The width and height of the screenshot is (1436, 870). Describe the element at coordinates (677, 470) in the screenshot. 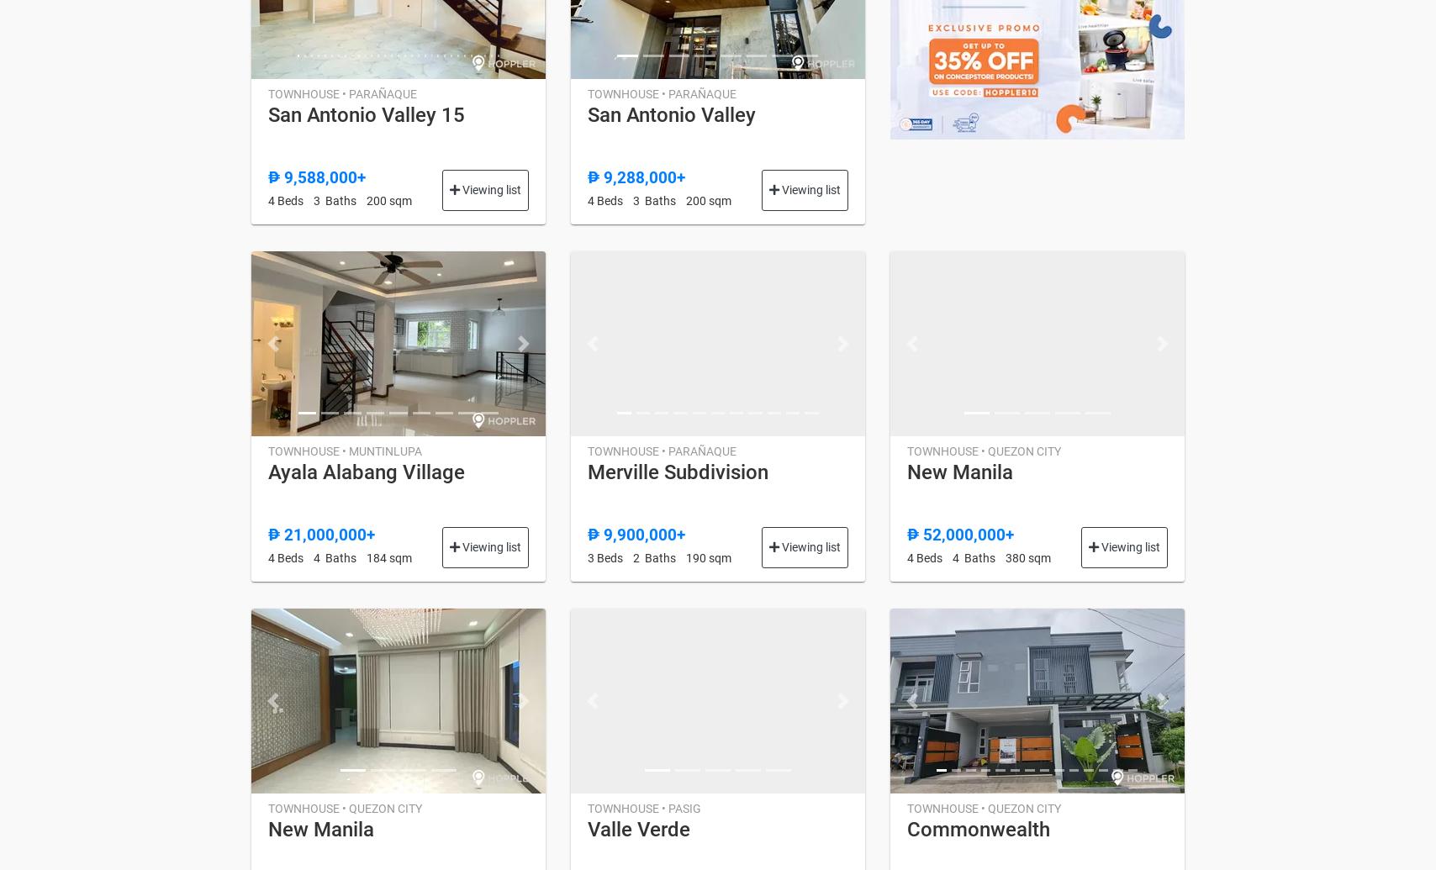

I see `'Merville Subdivision'` at that location.